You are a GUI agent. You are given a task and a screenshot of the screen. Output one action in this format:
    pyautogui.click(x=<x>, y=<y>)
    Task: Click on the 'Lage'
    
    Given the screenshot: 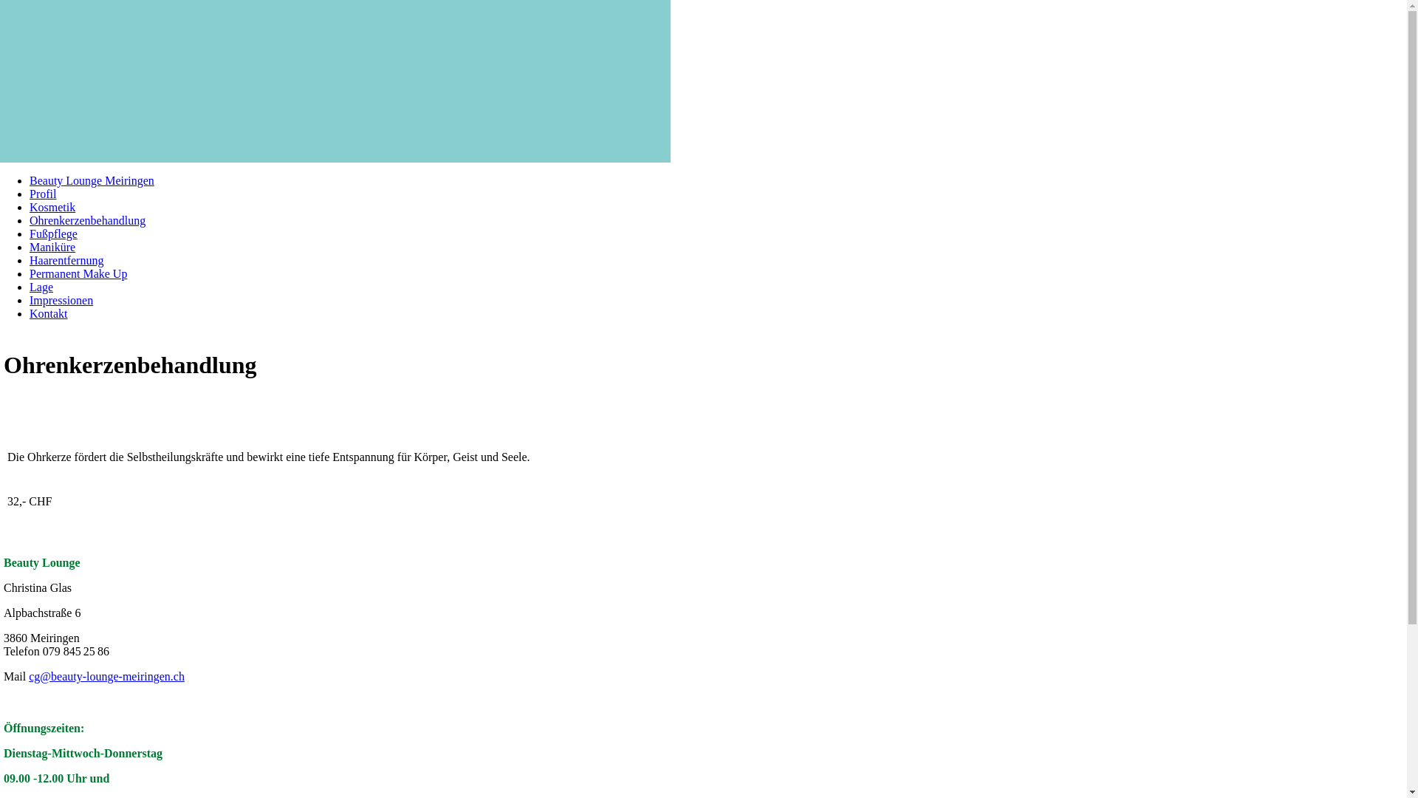 What is the action you would take?
    pyautogui.click(x=29, y=287)
    